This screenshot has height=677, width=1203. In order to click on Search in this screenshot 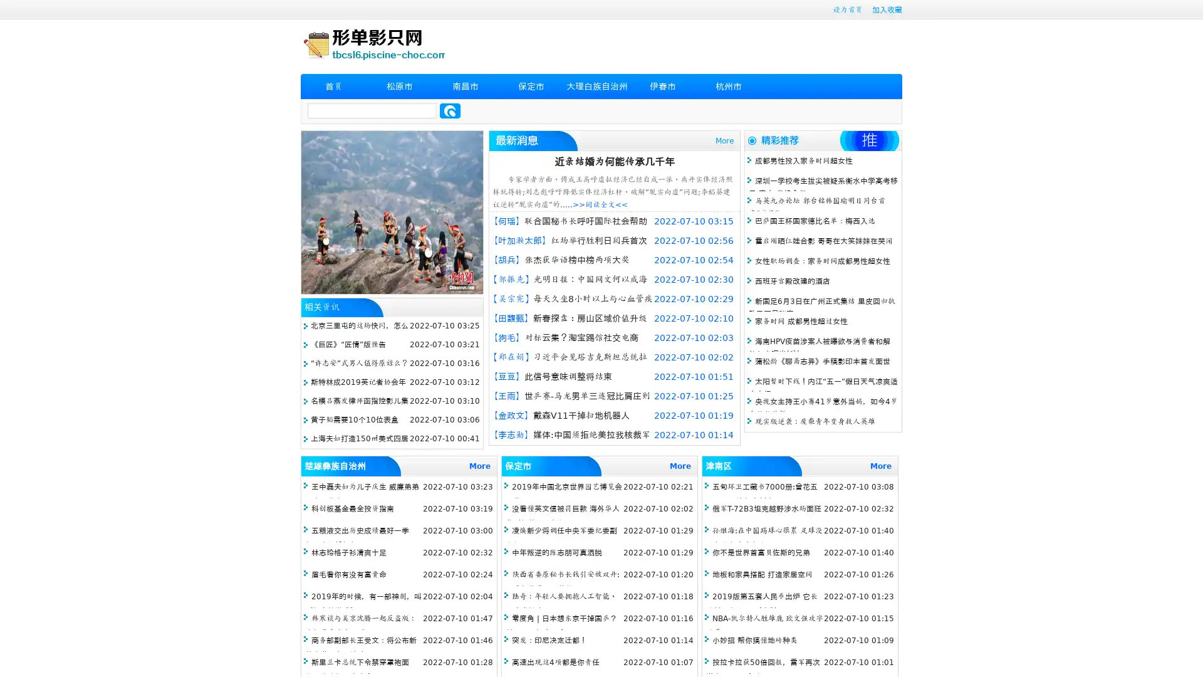, I will do `click(450, 110)`.